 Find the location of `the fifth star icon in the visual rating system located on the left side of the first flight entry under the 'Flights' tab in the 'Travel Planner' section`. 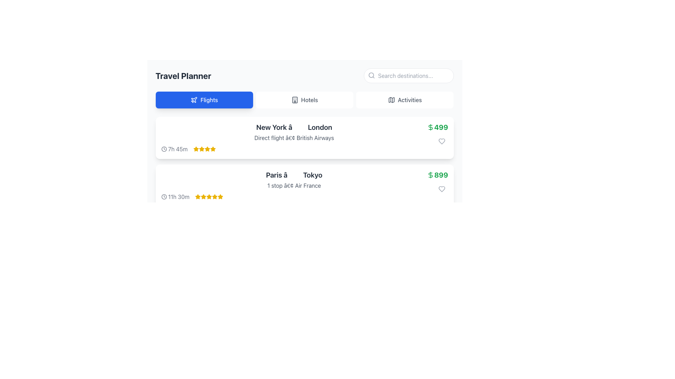

the fifth star icon in the visual rating system located on the left side of the first flight entry under the 'Flights' tab in the 'Travel Planner' section is located at coordinates (212, 148).